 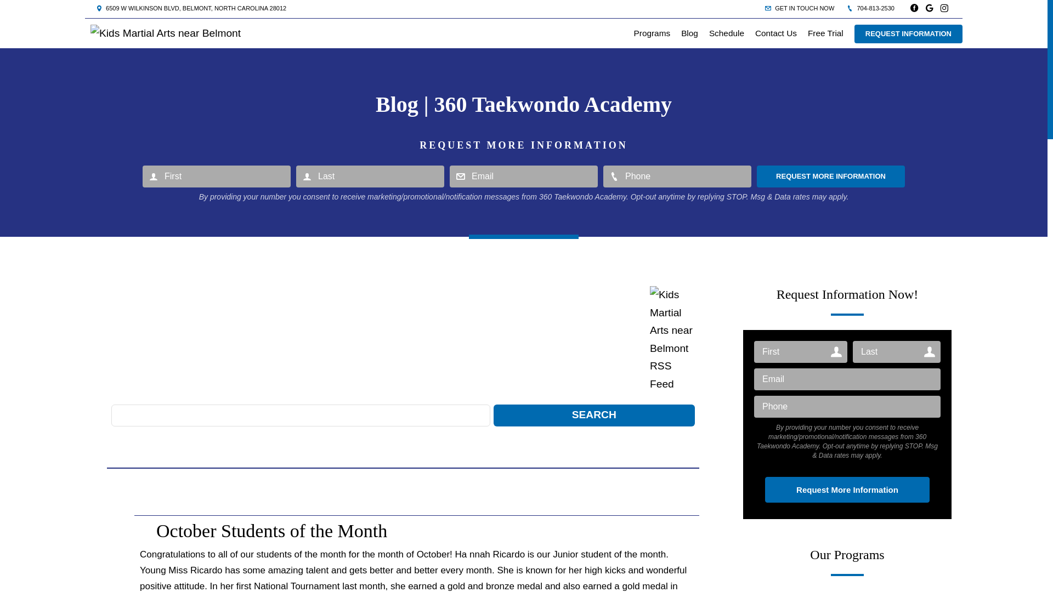 What do you see at coordinates (775, 33) in the screenshot?
I see `'Contact Us'` at bounding box center [775, 33].